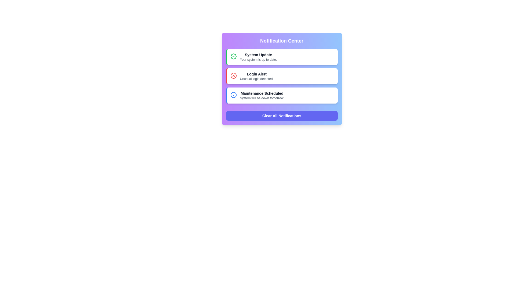 The image size is (515, 289). I want to click on the text providing additional information related to the notification about 'Maintenance Scheduled', which is the second line below the bold text in the notification box, so click(262, 98).